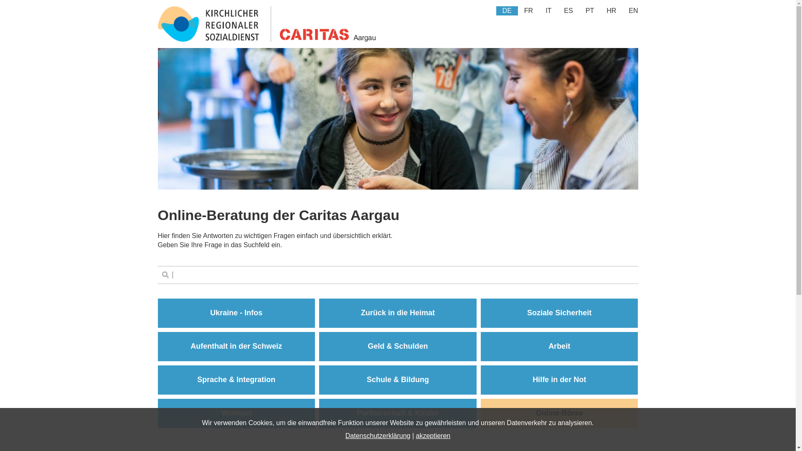 Image resolution: width=802 pixels, height=451 pixels. I want to click on 'Soziale Sicherheit', so click(559, 313).